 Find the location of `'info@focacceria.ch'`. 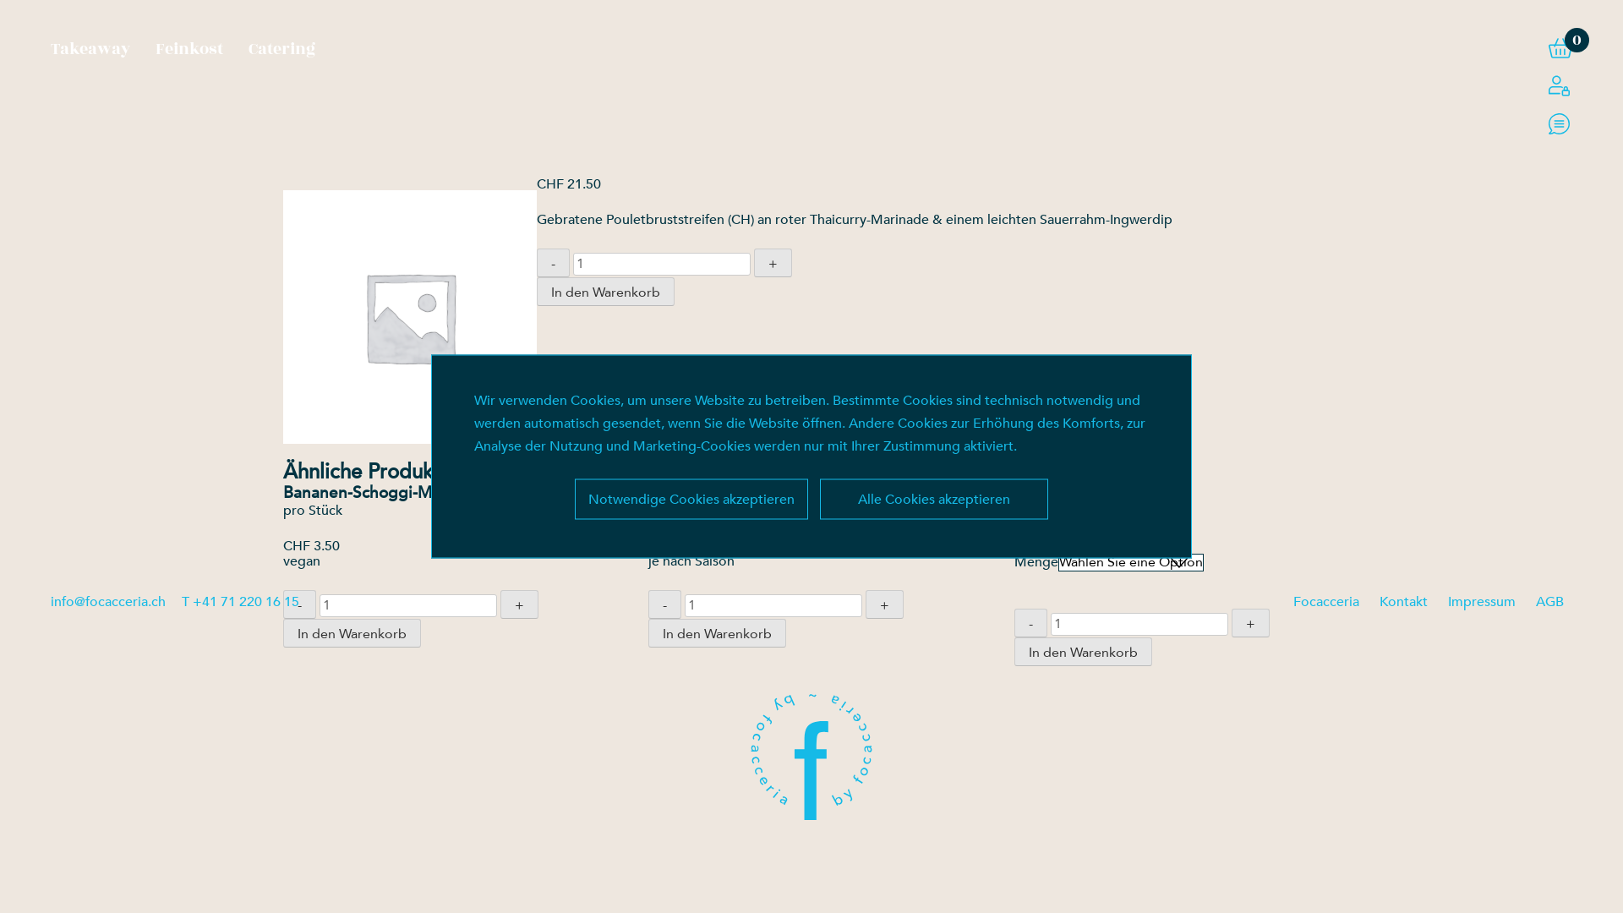

'info@focacceria.ch' is located at coordinates (50, 601).